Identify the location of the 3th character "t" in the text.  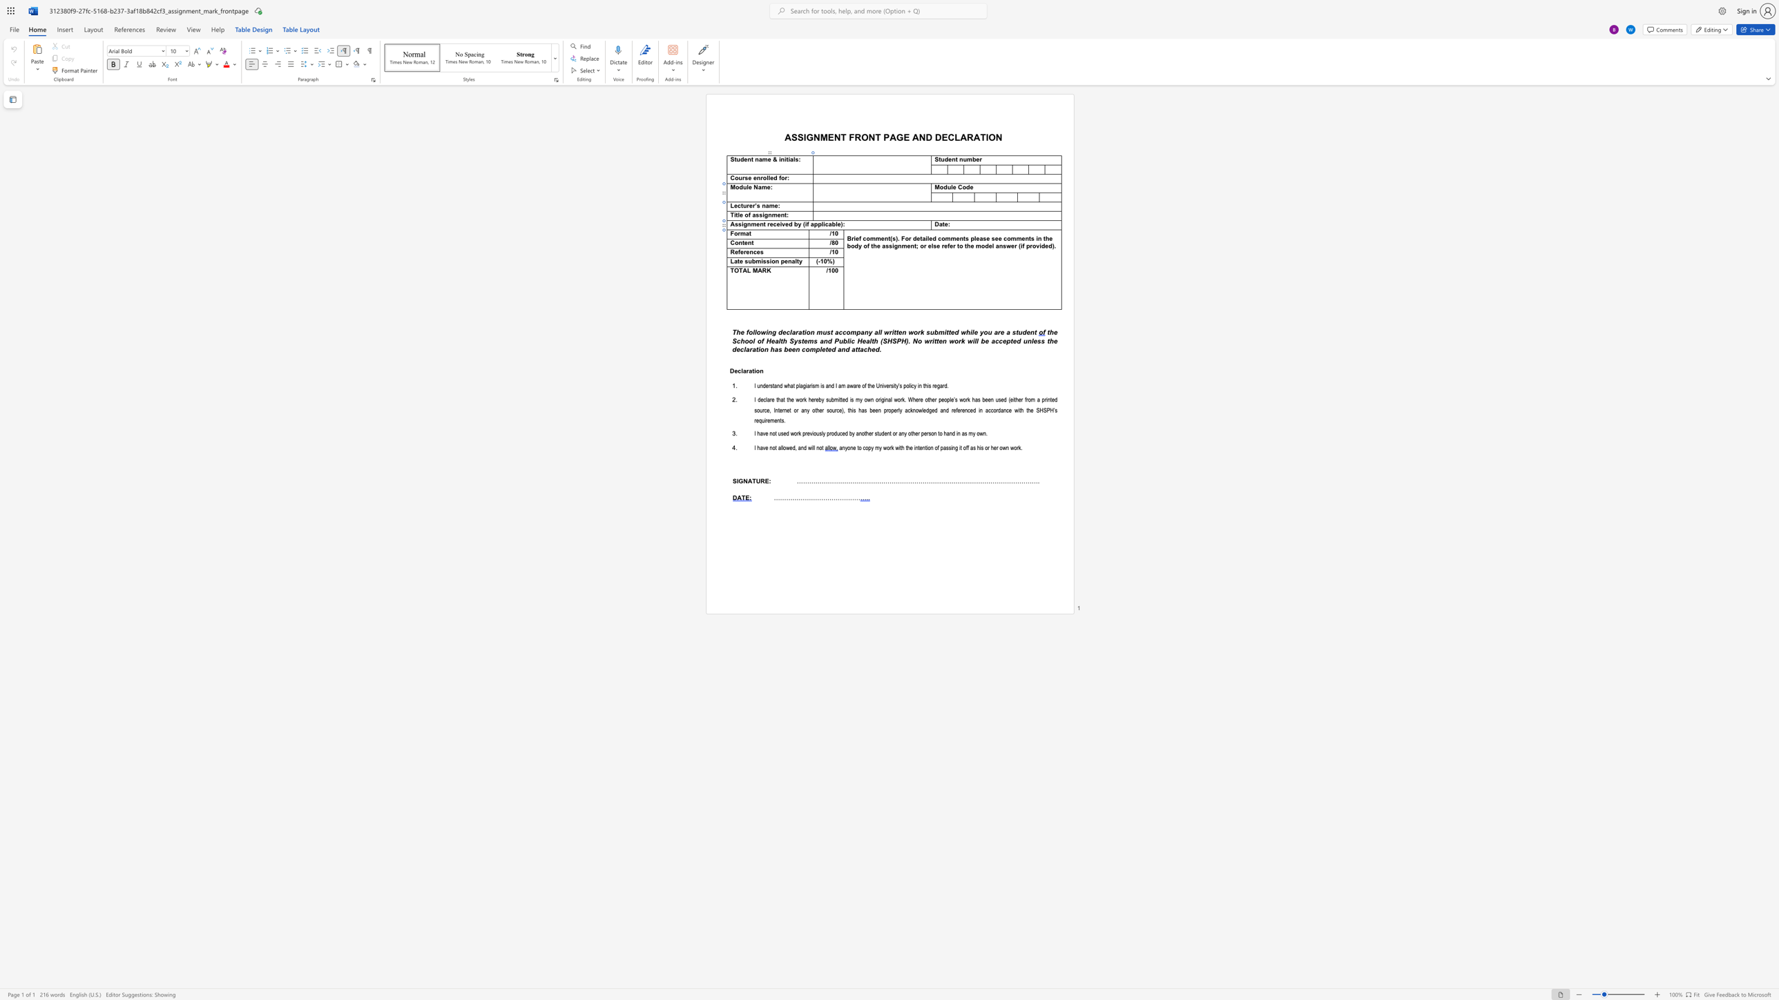
(964, 238).